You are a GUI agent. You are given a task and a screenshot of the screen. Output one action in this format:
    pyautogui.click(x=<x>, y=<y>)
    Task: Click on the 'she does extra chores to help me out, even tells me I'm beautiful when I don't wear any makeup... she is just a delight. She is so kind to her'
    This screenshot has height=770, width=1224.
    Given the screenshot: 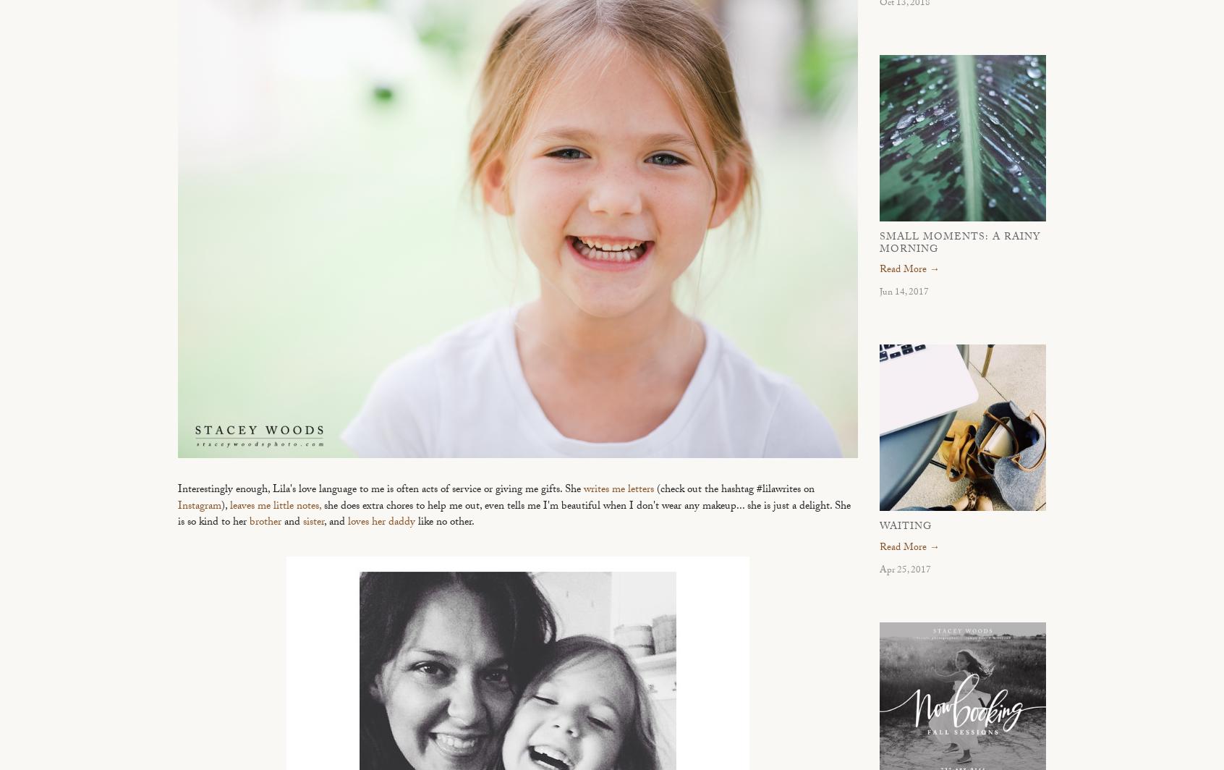 What is the action you would take?
    pyautogui.click(x=513, y=515)
    